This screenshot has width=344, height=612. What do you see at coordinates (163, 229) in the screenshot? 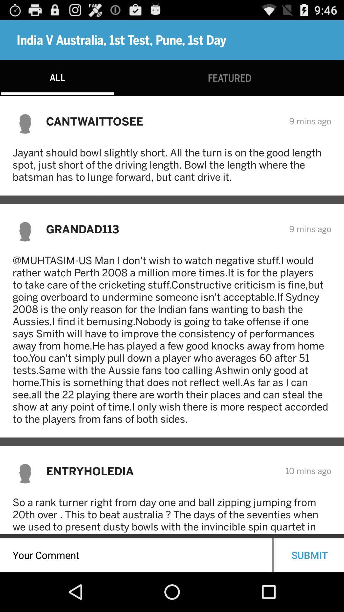
I see `grandad113 icon` at bounding box center [163, 229].